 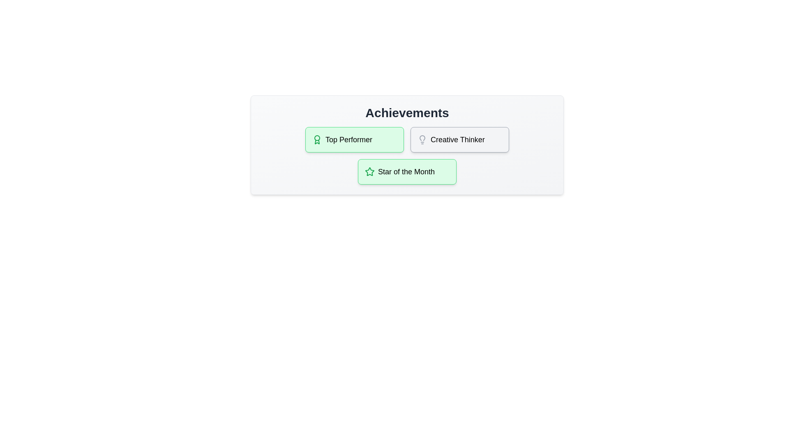 What do you see at coordinates (355, 139) in the screenshot?
I see `the achievement titled Top Performer to view its details` at bounding box center [355, 139].